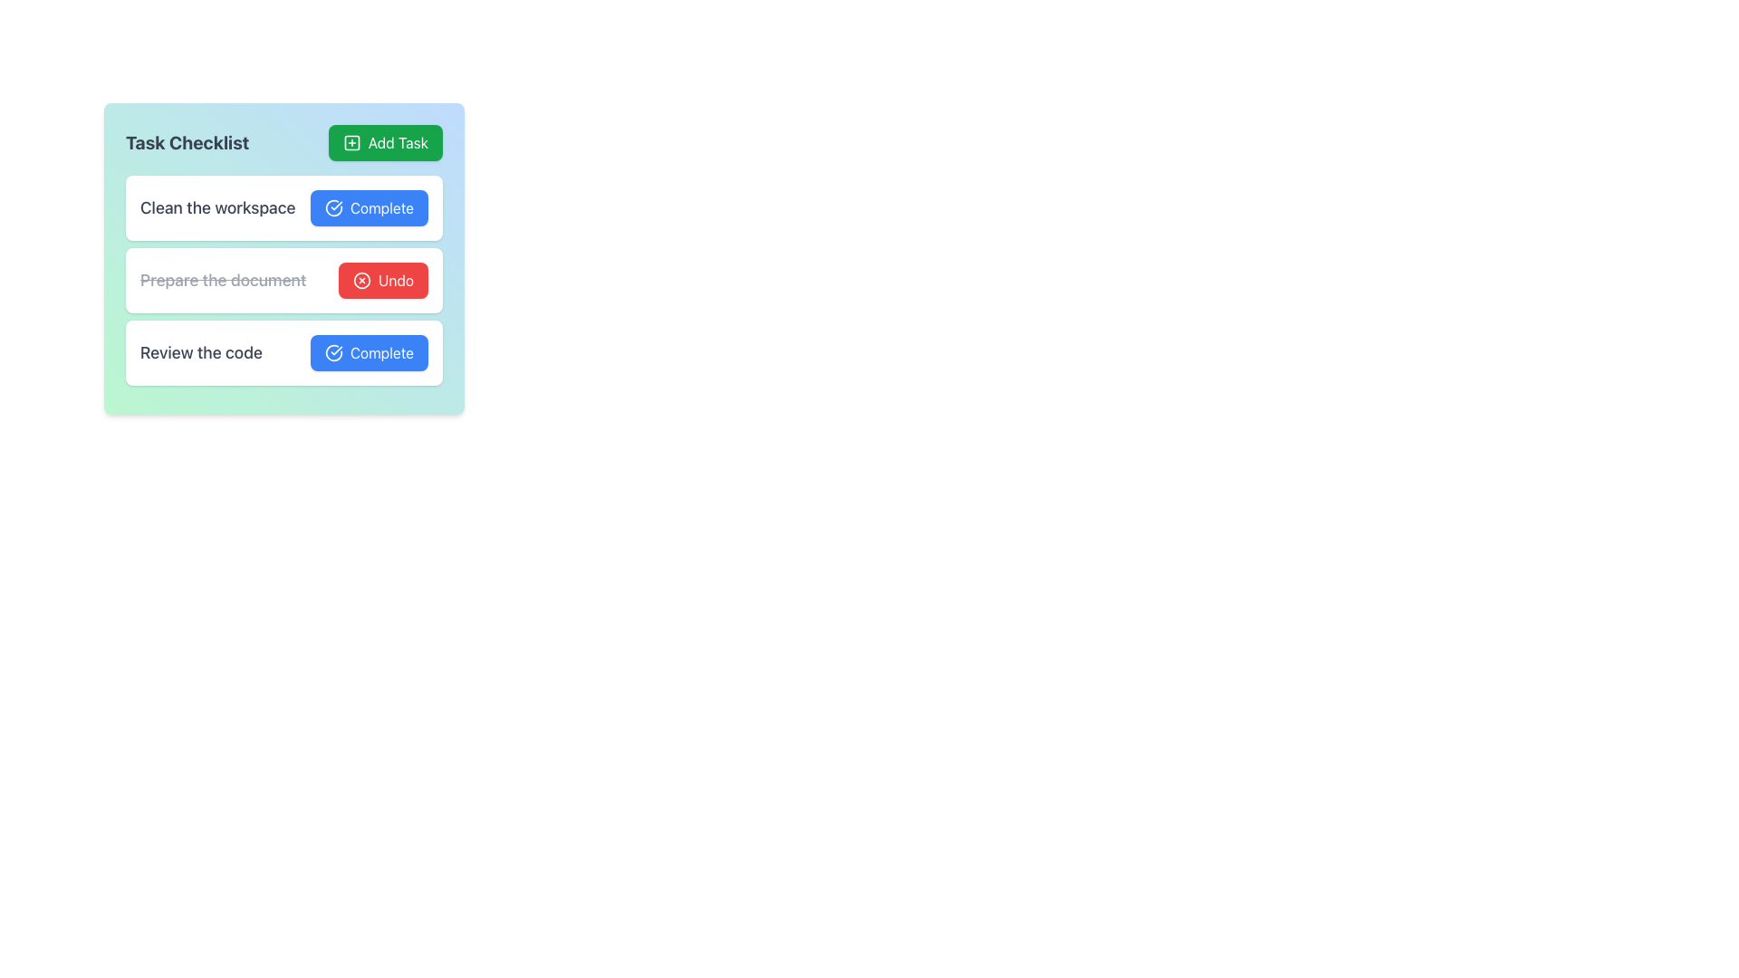 The height and width of the screenshot is (978, 1739). I want to click on text 'Complete' from the blue rectangular button with rounded corners, located on the far right side of the third row in a checklist interface, so click(381, 352).